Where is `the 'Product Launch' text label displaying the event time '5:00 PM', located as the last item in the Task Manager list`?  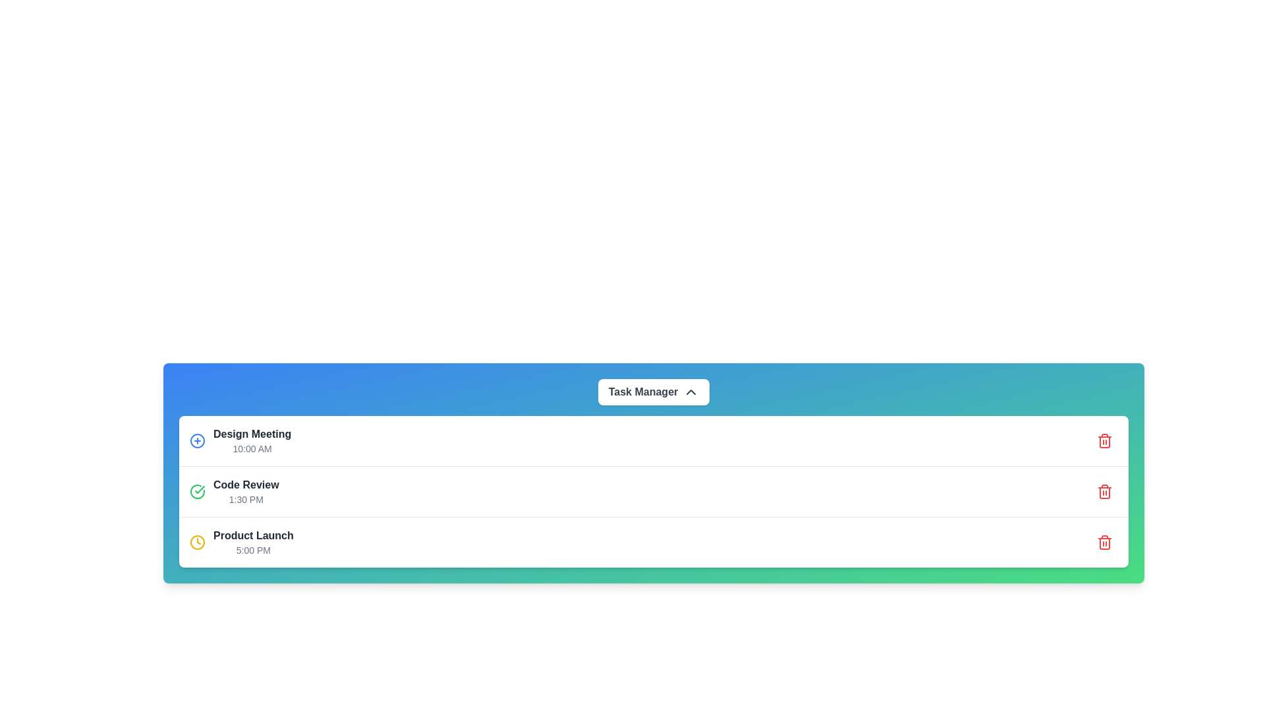 the 'Product Launch' text label displaying the event time '5:00 PM', located as the last item in the Task Manager list is located at coordinates (253, 542).